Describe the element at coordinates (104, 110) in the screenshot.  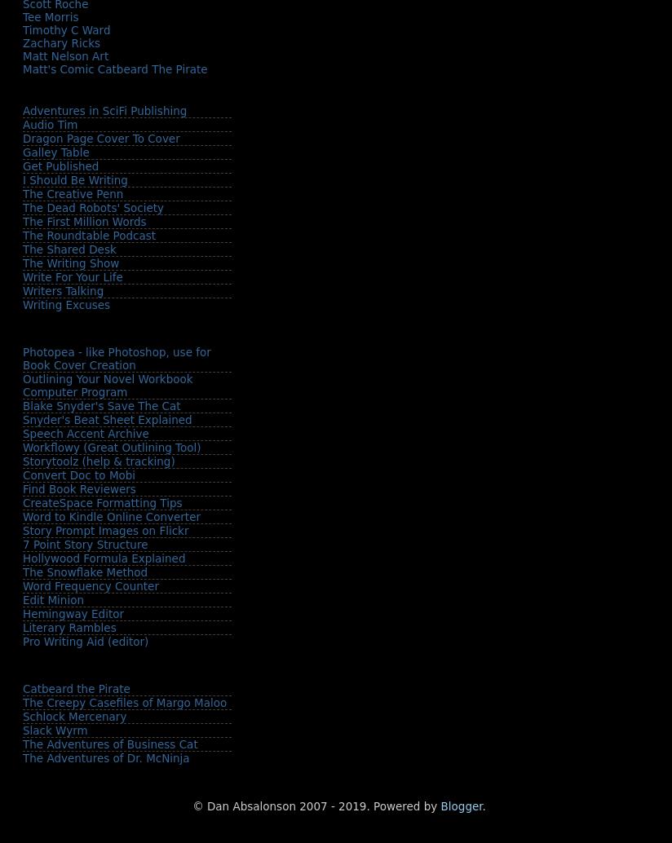
I see `'Adventures in SciFi Publishing'` at that location.